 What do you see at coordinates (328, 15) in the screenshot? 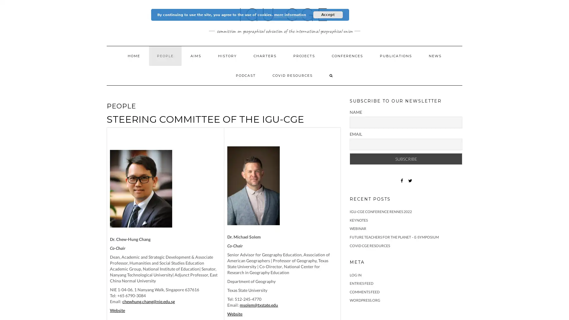
I see `Accept` at bounding box center [328, 15].